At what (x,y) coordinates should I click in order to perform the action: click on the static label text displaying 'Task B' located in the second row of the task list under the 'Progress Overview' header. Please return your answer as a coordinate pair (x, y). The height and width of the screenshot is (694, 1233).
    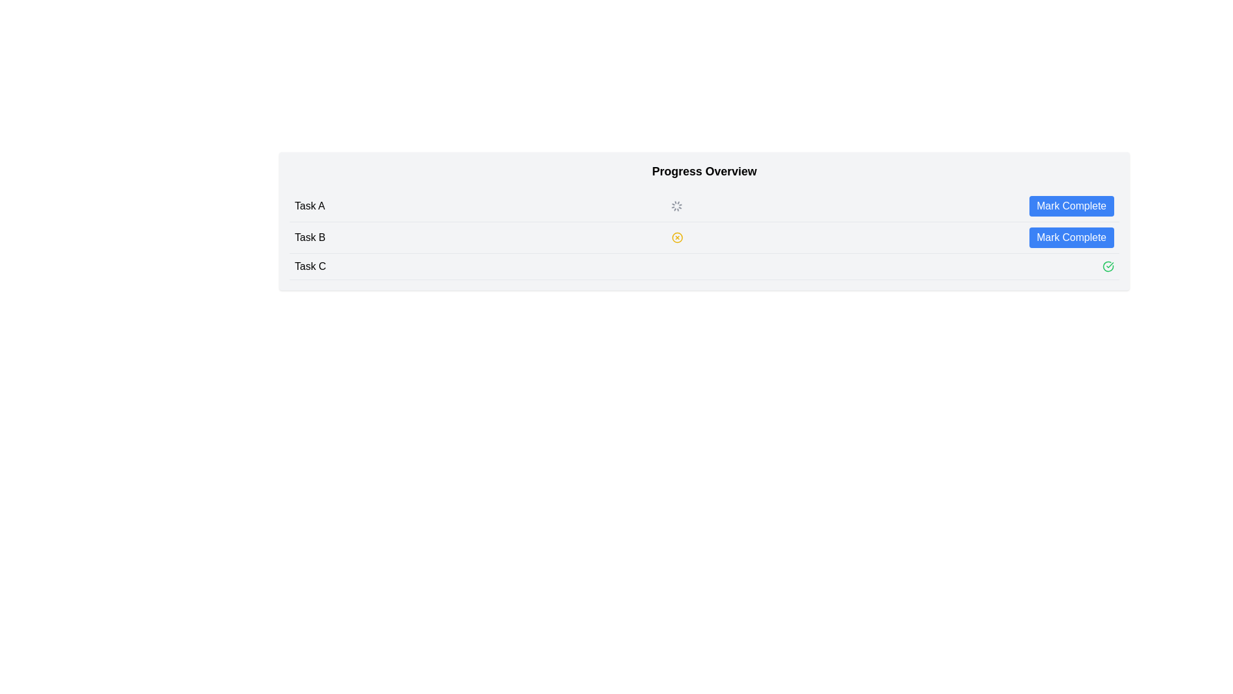
    Looking at the image, I should click on (310, 238).